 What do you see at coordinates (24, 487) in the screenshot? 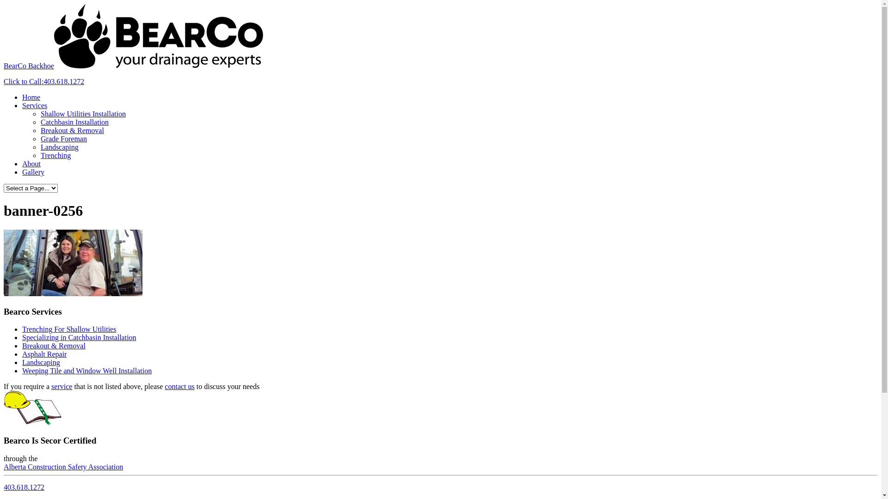
I see `'403.618.1272'` at bounding box center [24, 487].